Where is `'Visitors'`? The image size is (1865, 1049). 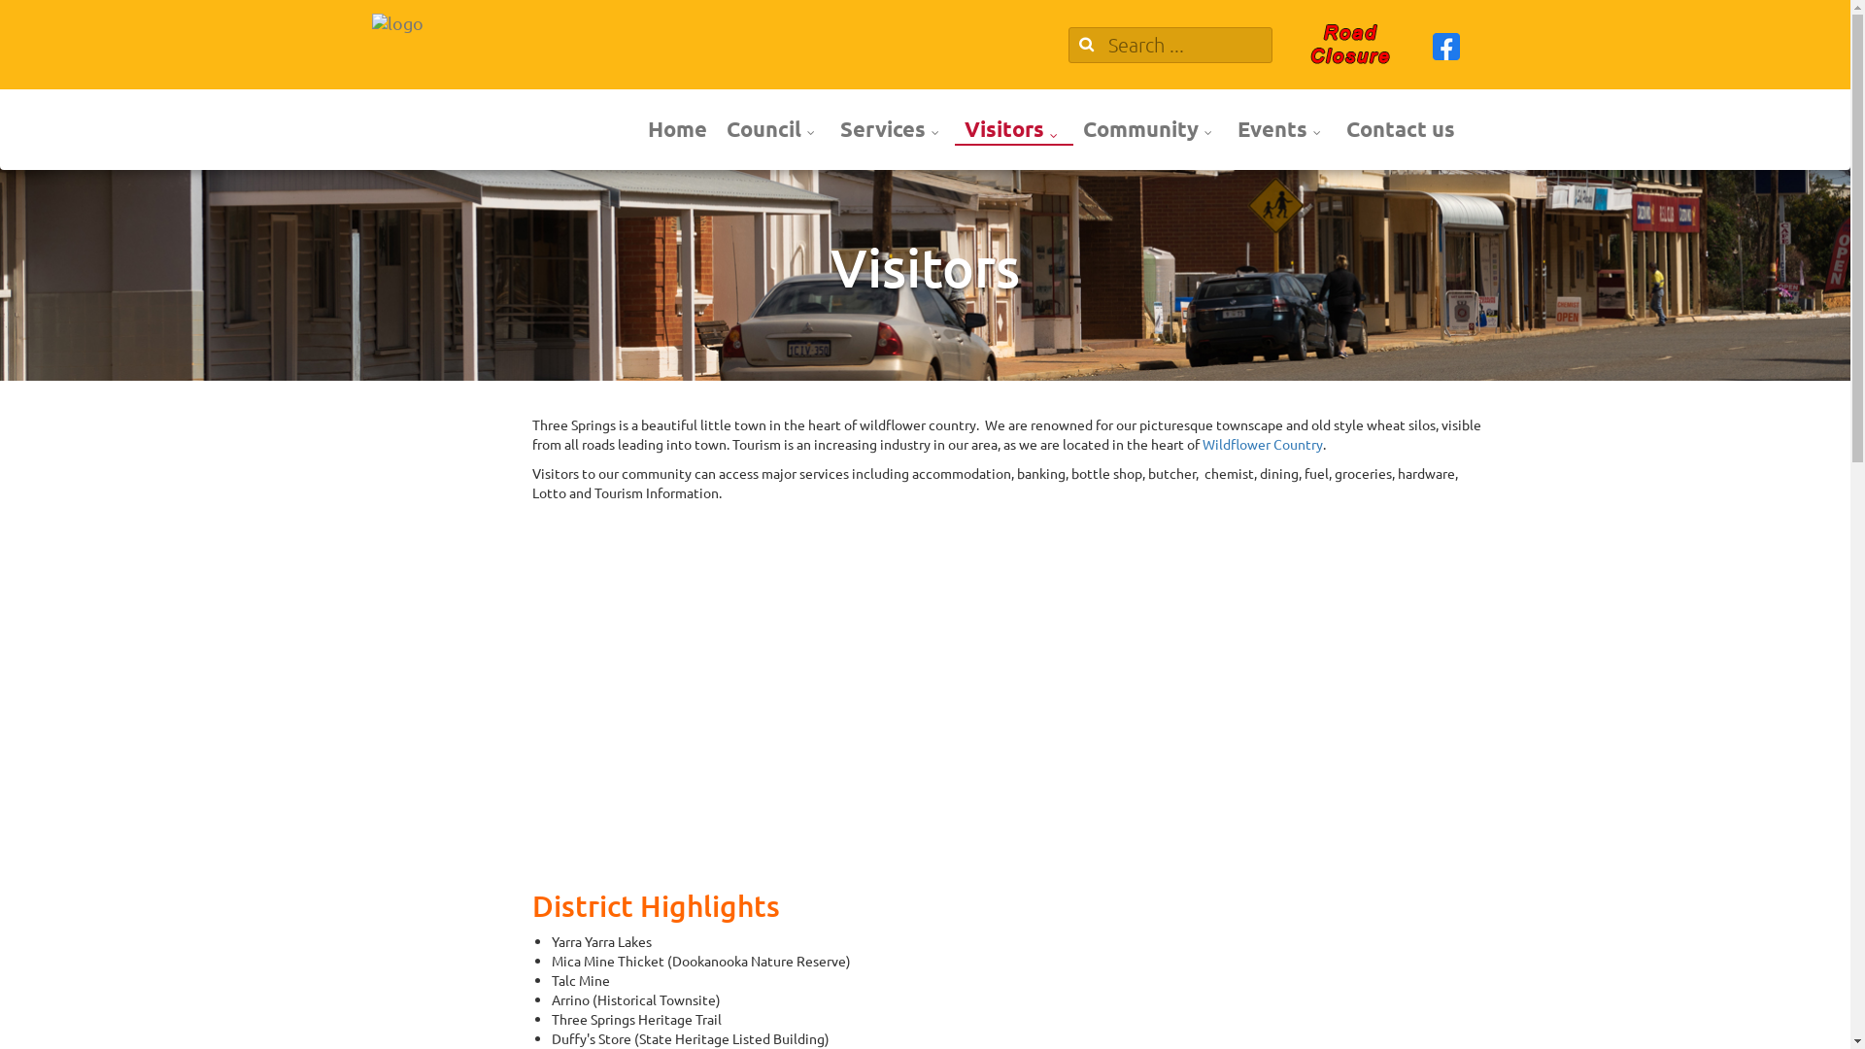 'Visitors' is located at coordinates (1011, 129).